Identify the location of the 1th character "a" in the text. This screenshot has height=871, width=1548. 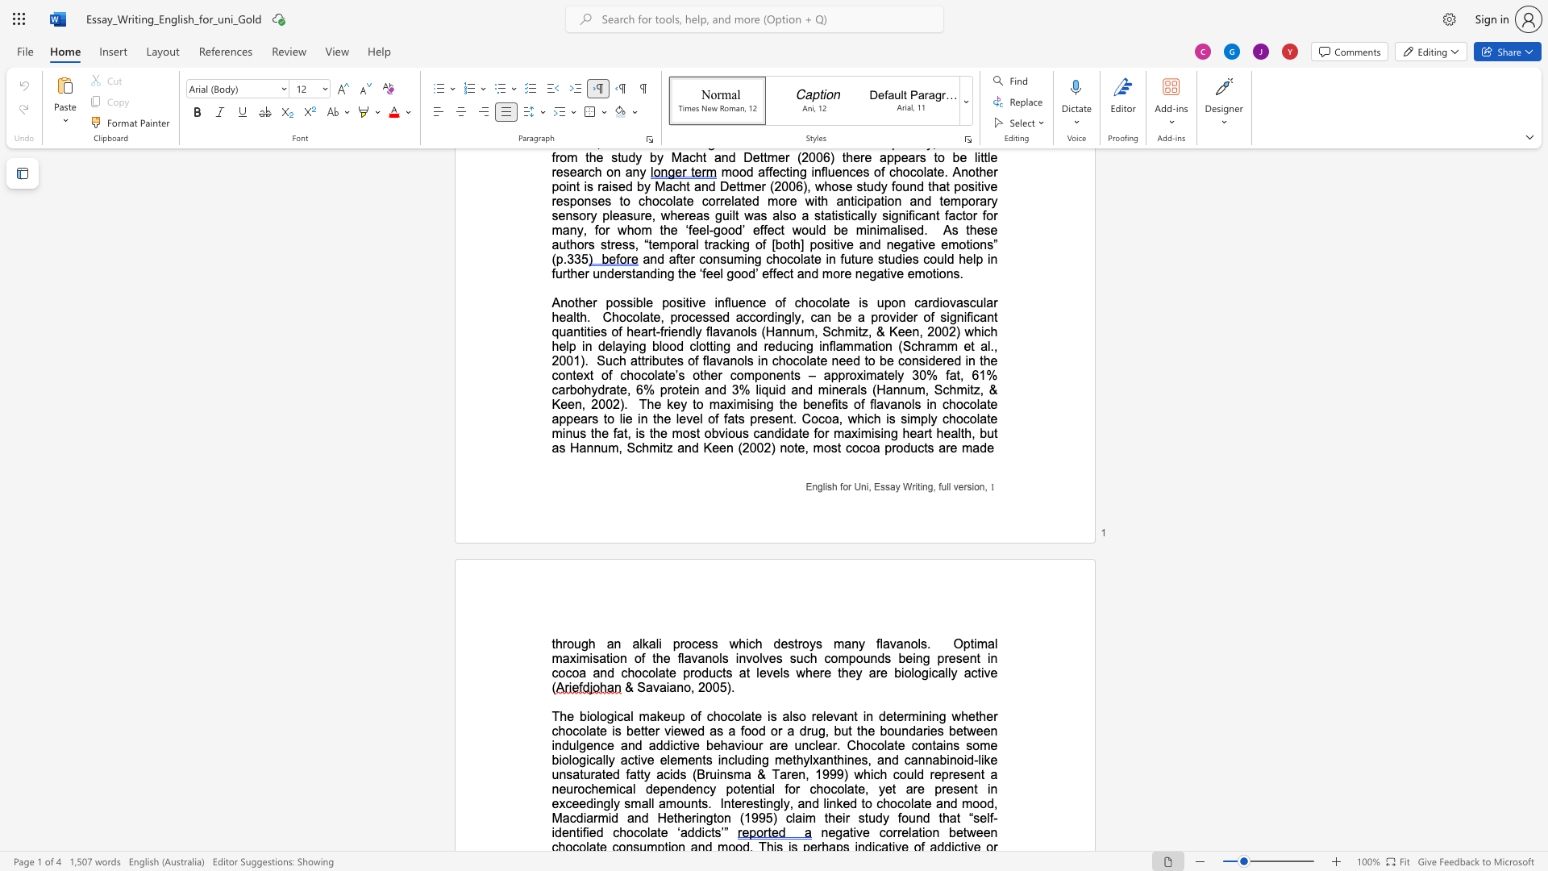
(633, 360).